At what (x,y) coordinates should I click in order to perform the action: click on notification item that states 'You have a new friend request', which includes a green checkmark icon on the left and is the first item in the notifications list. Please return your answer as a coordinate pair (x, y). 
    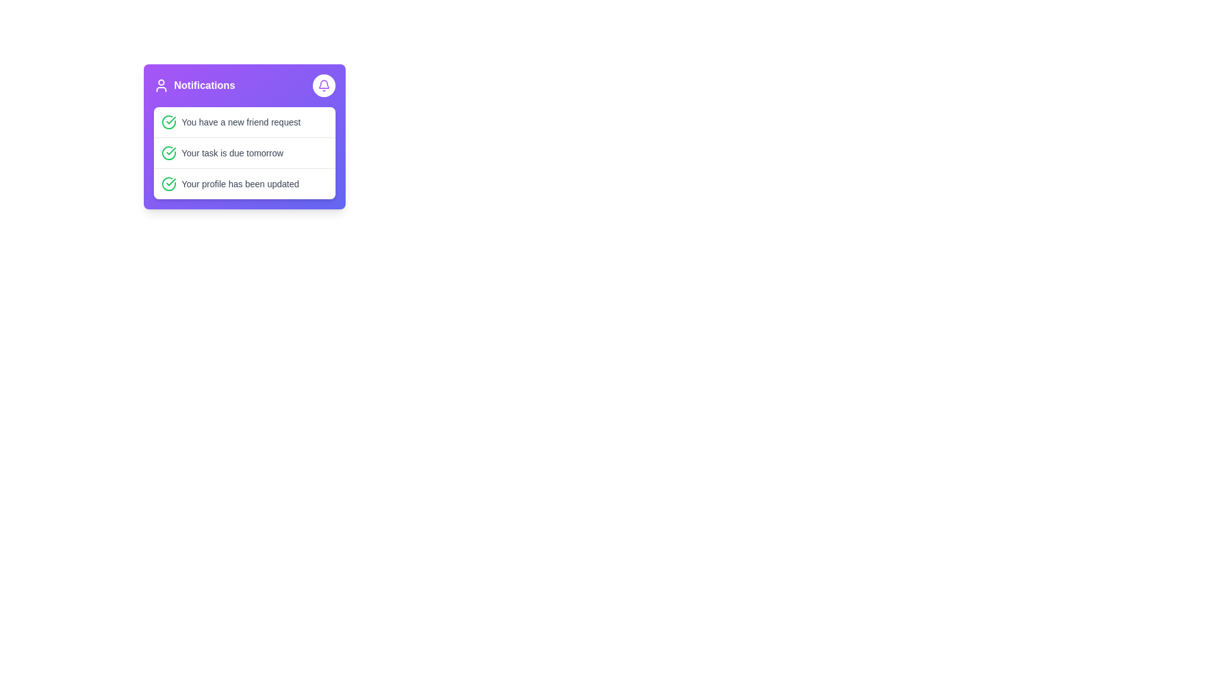
    Looking at the image, I should click on (245, 122).